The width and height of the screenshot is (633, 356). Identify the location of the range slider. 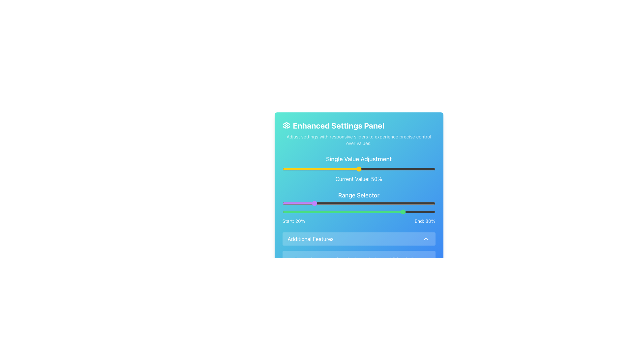
(365, 203).